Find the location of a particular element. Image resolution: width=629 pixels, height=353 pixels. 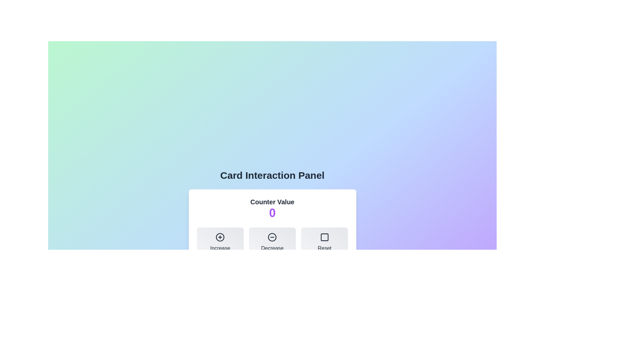

the icon located at the top center of the 'Increase' button, which indicates an action to increment a count or value is located at coordinates (220, 237).